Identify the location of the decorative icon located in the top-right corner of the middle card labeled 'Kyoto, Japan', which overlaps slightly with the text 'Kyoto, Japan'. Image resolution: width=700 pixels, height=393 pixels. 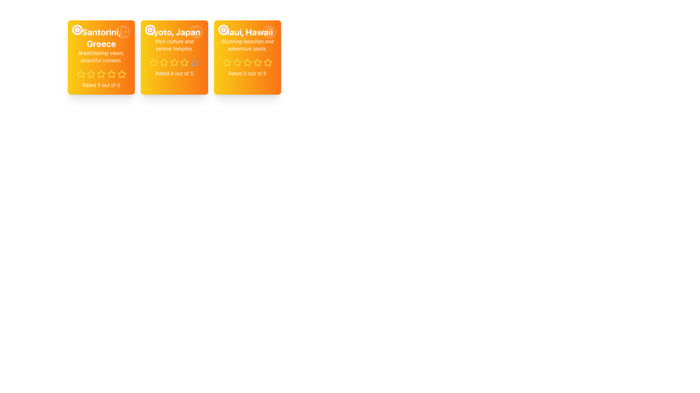
(196, 32).